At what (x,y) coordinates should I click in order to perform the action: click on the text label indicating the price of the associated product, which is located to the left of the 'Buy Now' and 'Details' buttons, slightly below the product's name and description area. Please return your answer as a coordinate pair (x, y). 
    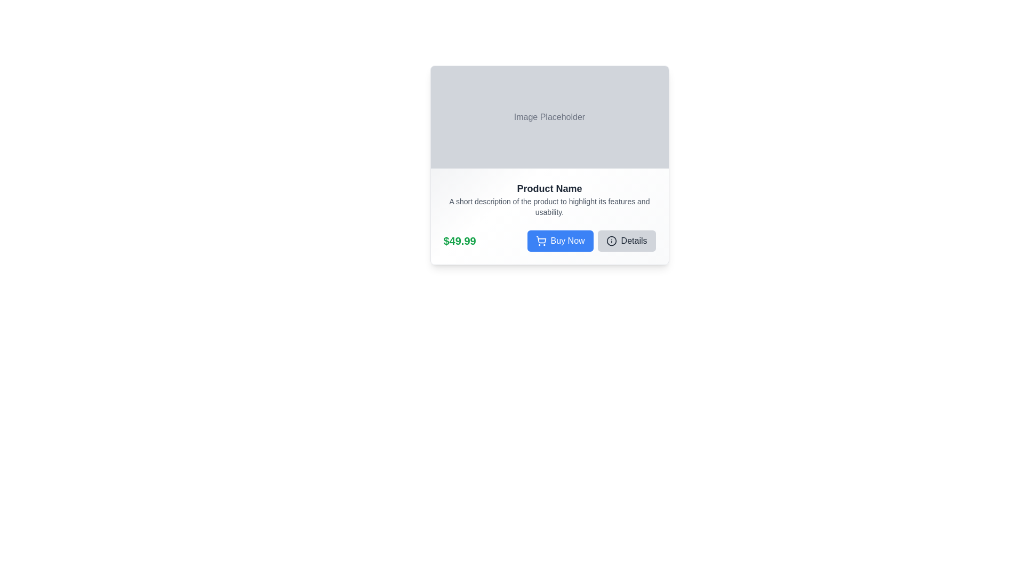
    Looking at the image, I should click on (460, 241).